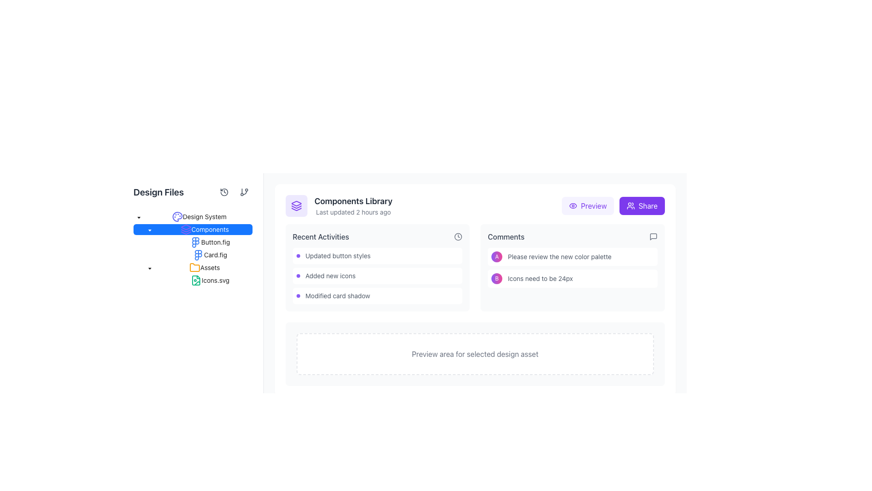 Image resolution: width=872 pixels, height=491 pixels. I want to click on the 'Preview' button in the Button Group located in the top-right corner beneath the title 'Components Library' to preview the library, so click(613, 205).